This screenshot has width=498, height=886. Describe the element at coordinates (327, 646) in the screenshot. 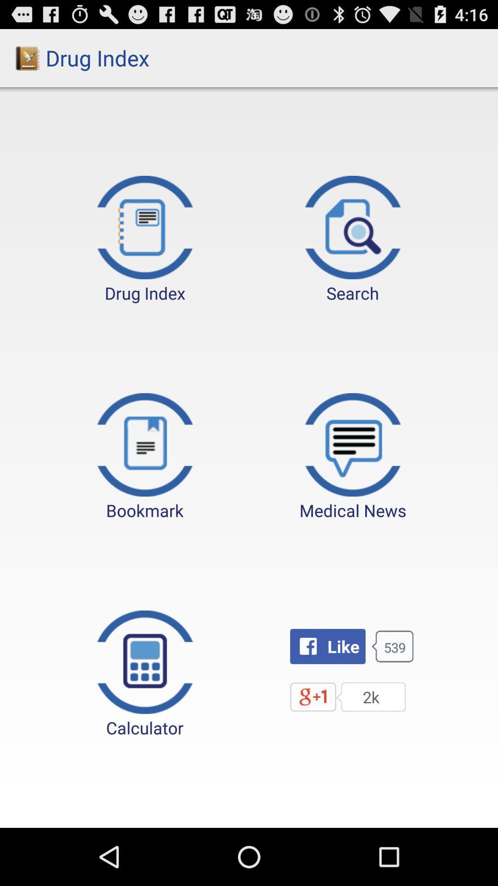

I see `icon to the right of calculator item` at that location.